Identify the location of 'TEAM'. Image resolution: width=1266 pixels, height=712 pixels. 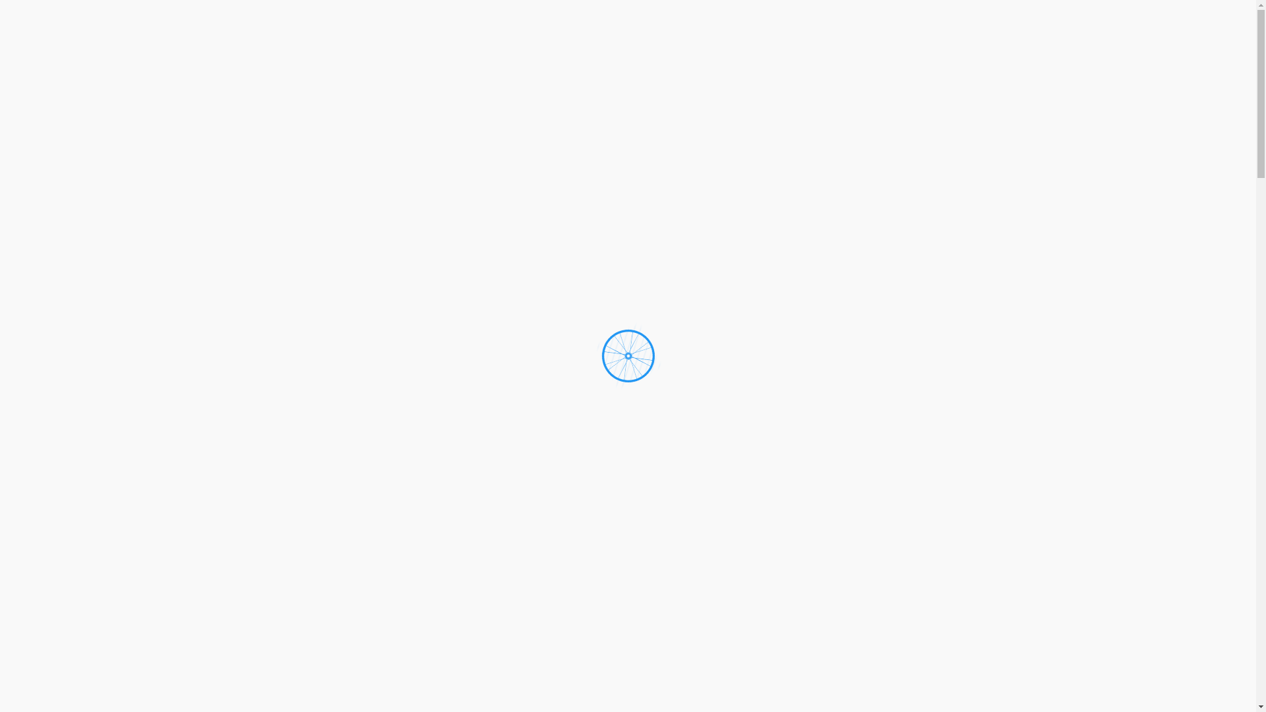
(924, 64).